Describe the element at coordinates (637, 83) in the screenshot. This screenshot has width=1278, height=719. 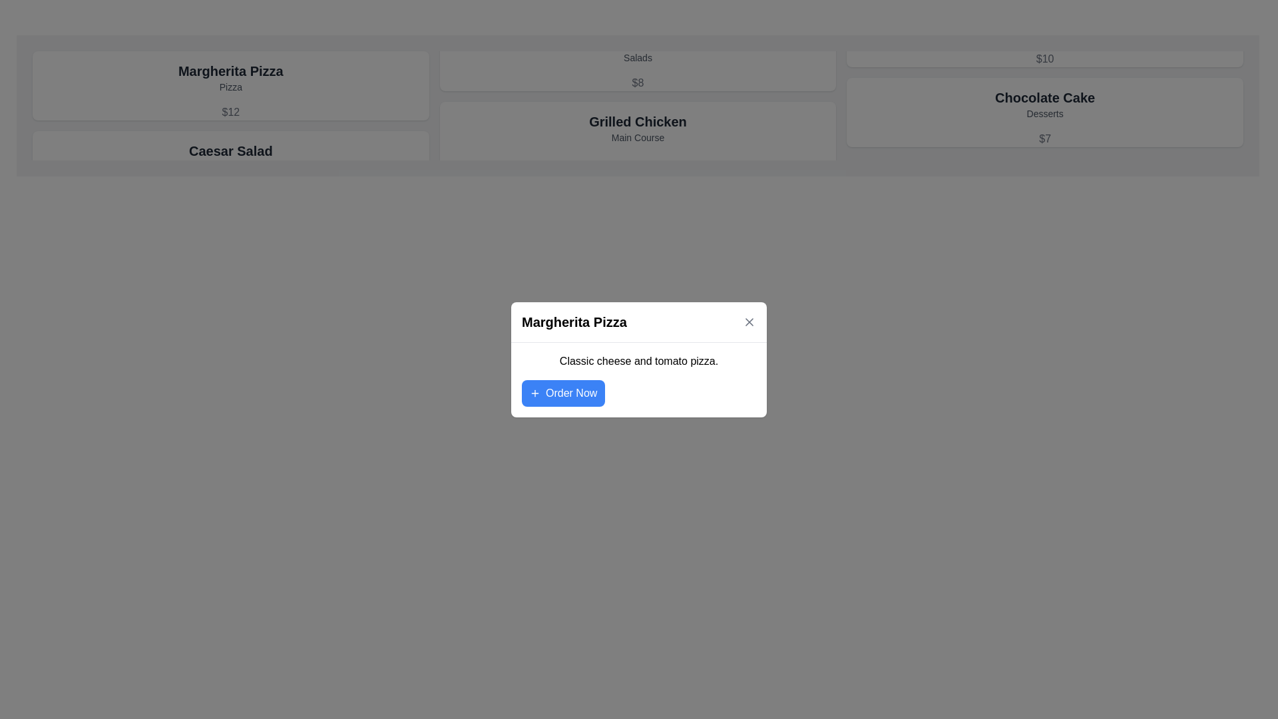
I see `the text label displaying the monetary amount '$8'` at that location.